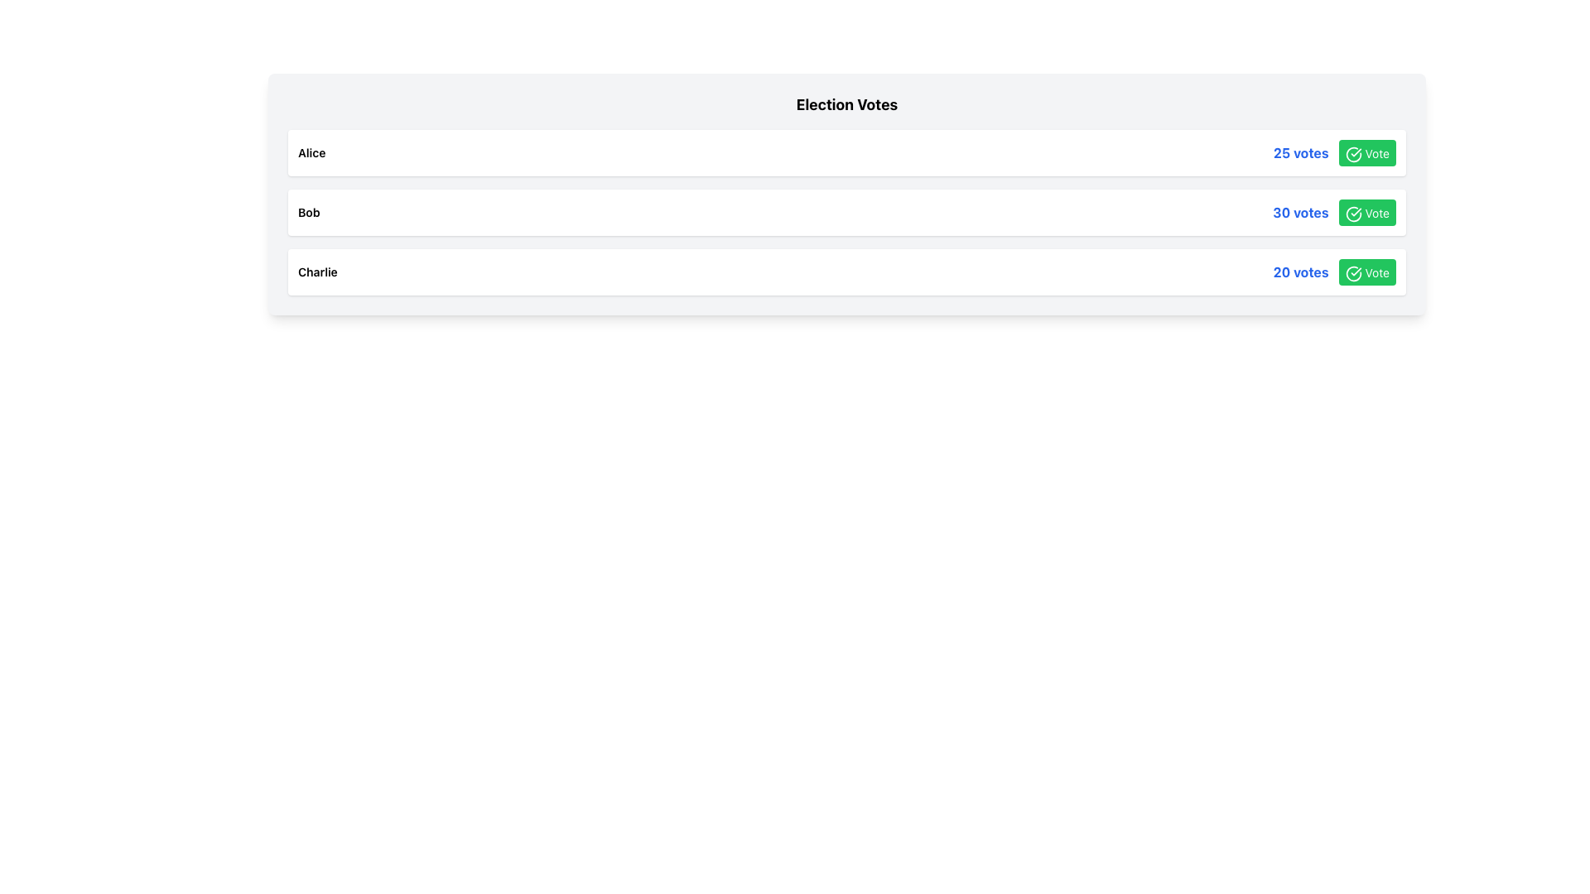 The height and width of the screenshot is (894, 1590). I want to click on text displayed on the 'Vote' button, which is a small white text within a green rounded button located to the far right of the row for 'Charlie' and '20 votes', so click(1377, 272).